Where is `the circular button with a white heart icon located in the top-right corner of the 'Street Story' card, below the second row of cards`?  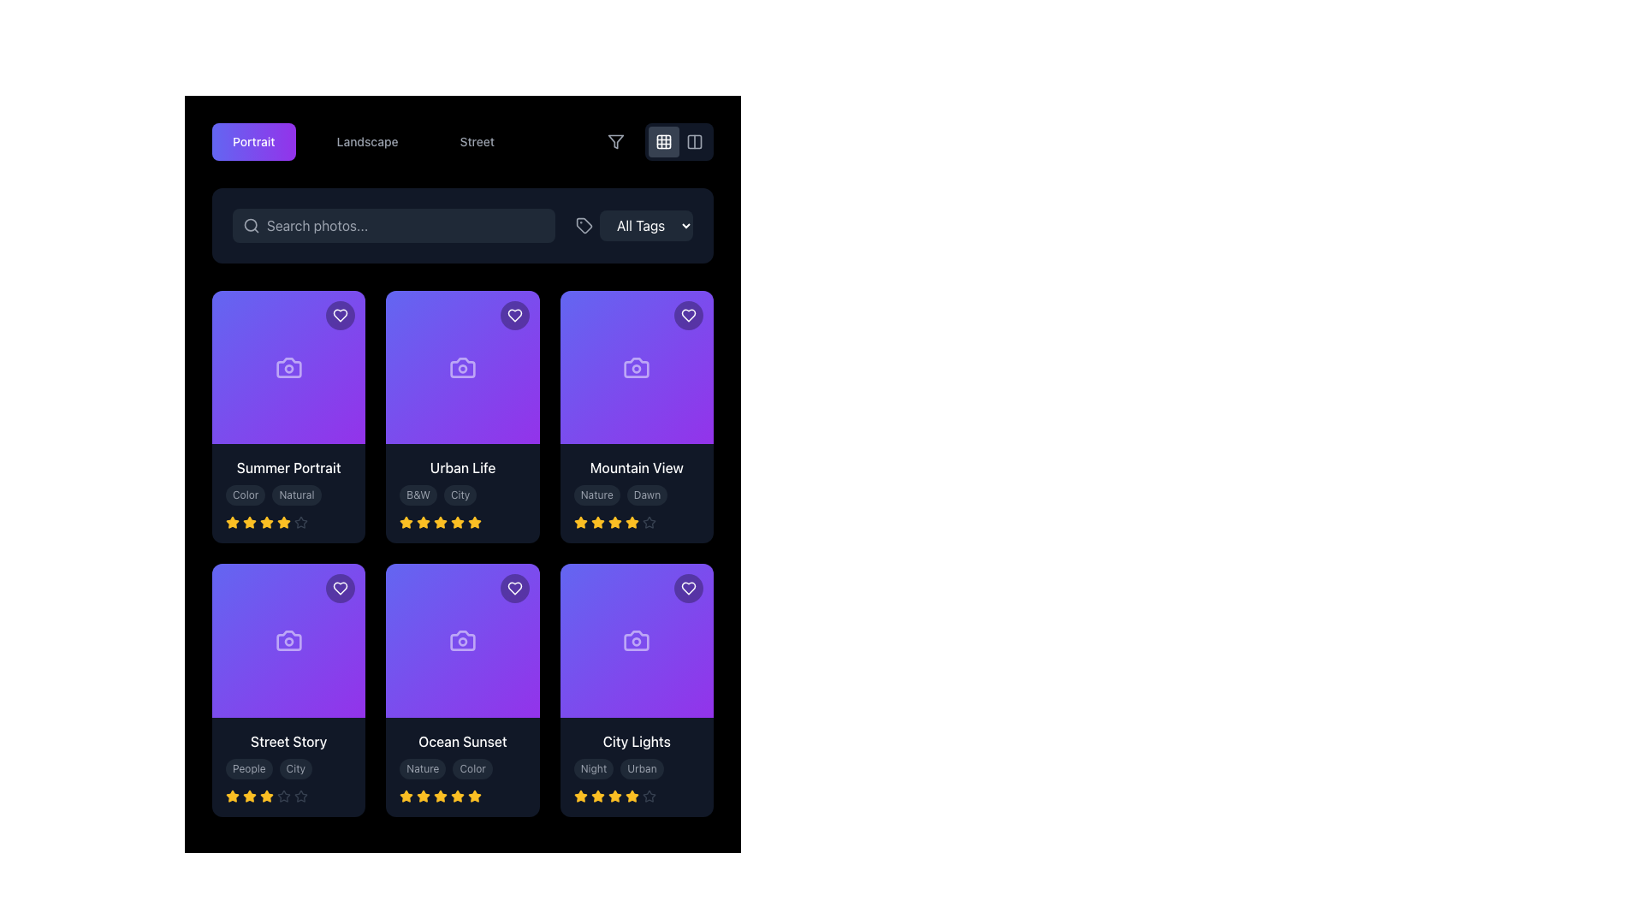 the circular button with a white heart icon located in the top-right corner of the 'Street Story' card, below the second row of cards is located at coordinates (341, 588).